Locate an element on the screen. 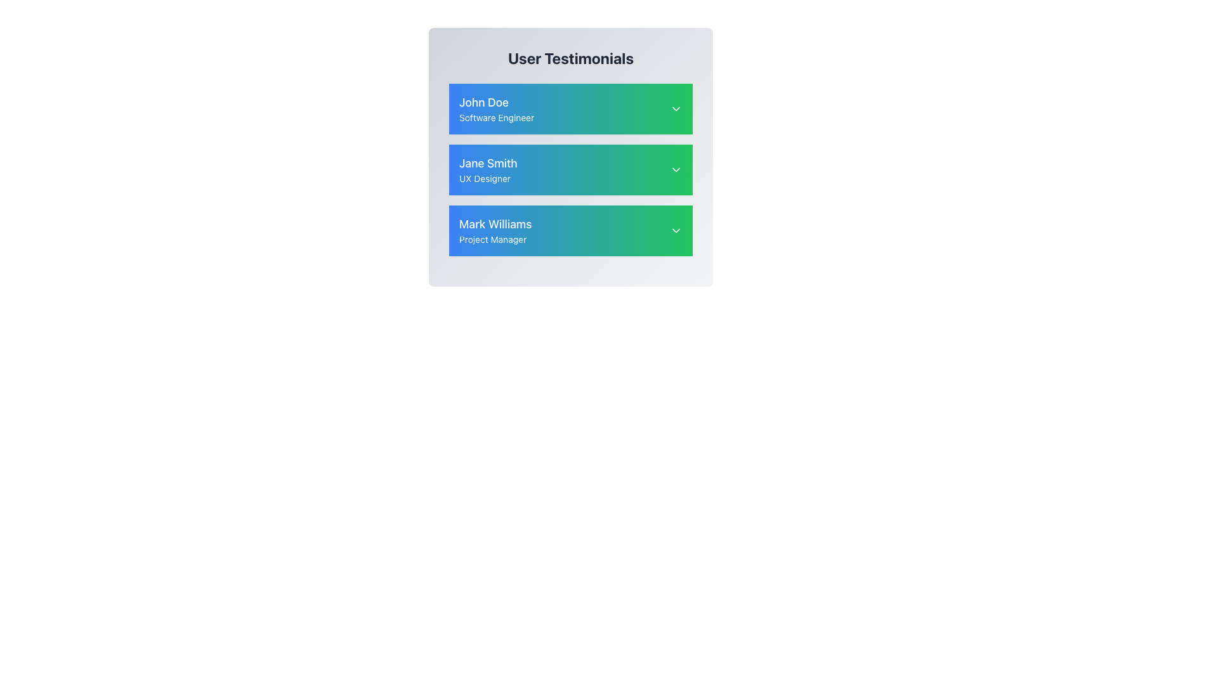  the text label displaying the job title or role related to 'Mark Williams' in the testimonial interface, which is located at the bottom-most entry of a column list of user testimonials is located at coordinates (495, 240).